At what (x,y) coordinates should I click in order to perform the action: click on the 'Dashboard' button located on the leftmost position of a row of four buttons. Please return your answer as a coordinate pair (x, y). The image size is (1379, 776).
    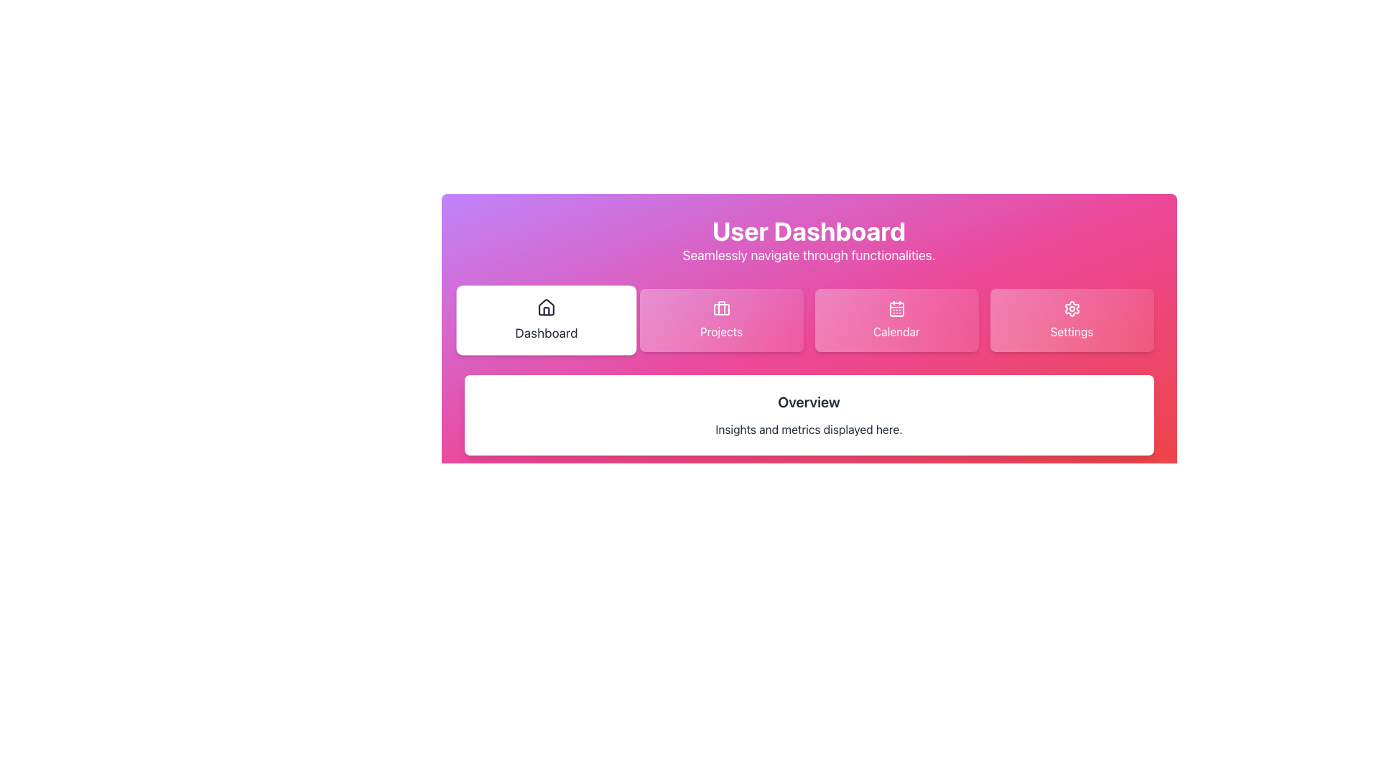
    Looking at the image, I should click on (545, 320).